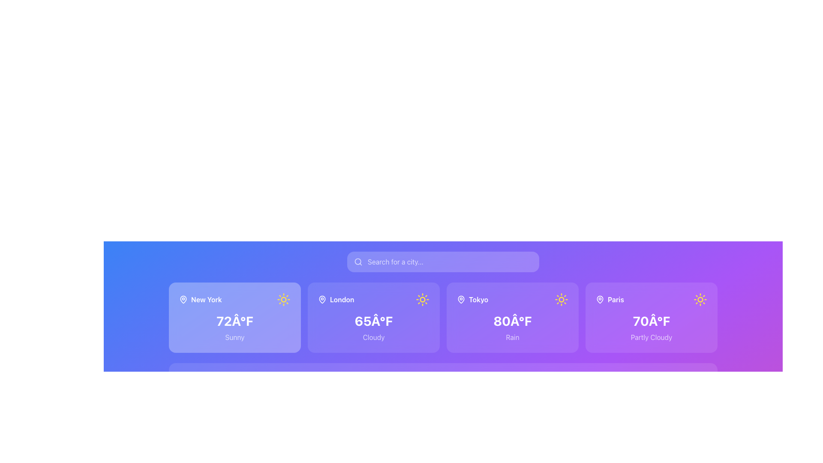 Image resolution: width=823 pixels, height=463 pixels. What do you see at coordinates (460, 299) in the screenshot?
I see `the graphical representation of the pin icon located in the title section of the card identifying the city 'Tokyo', which is a white location marker icon positioned to the left of the city name text` at bounding box center [460, 299].